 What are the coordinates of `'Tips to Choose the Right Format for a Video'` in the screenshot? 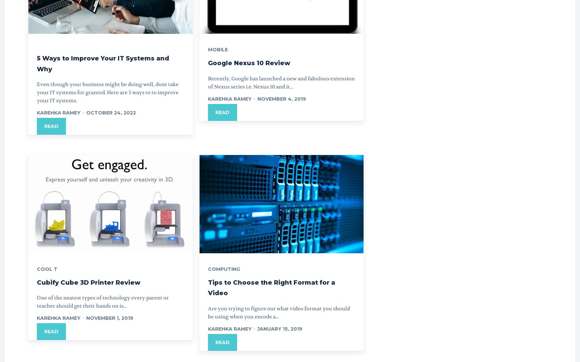 It's located at (279, 286).